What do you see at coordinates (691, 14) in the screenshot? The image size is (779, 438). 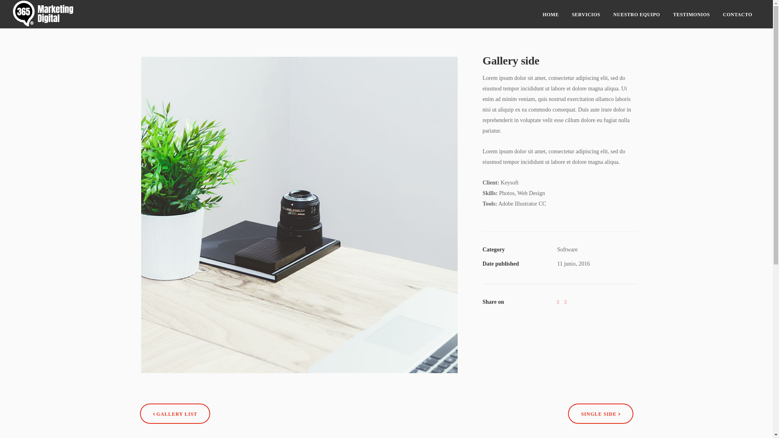 I see `'TESTIMONIOS'` at bounding box center [691, 14].